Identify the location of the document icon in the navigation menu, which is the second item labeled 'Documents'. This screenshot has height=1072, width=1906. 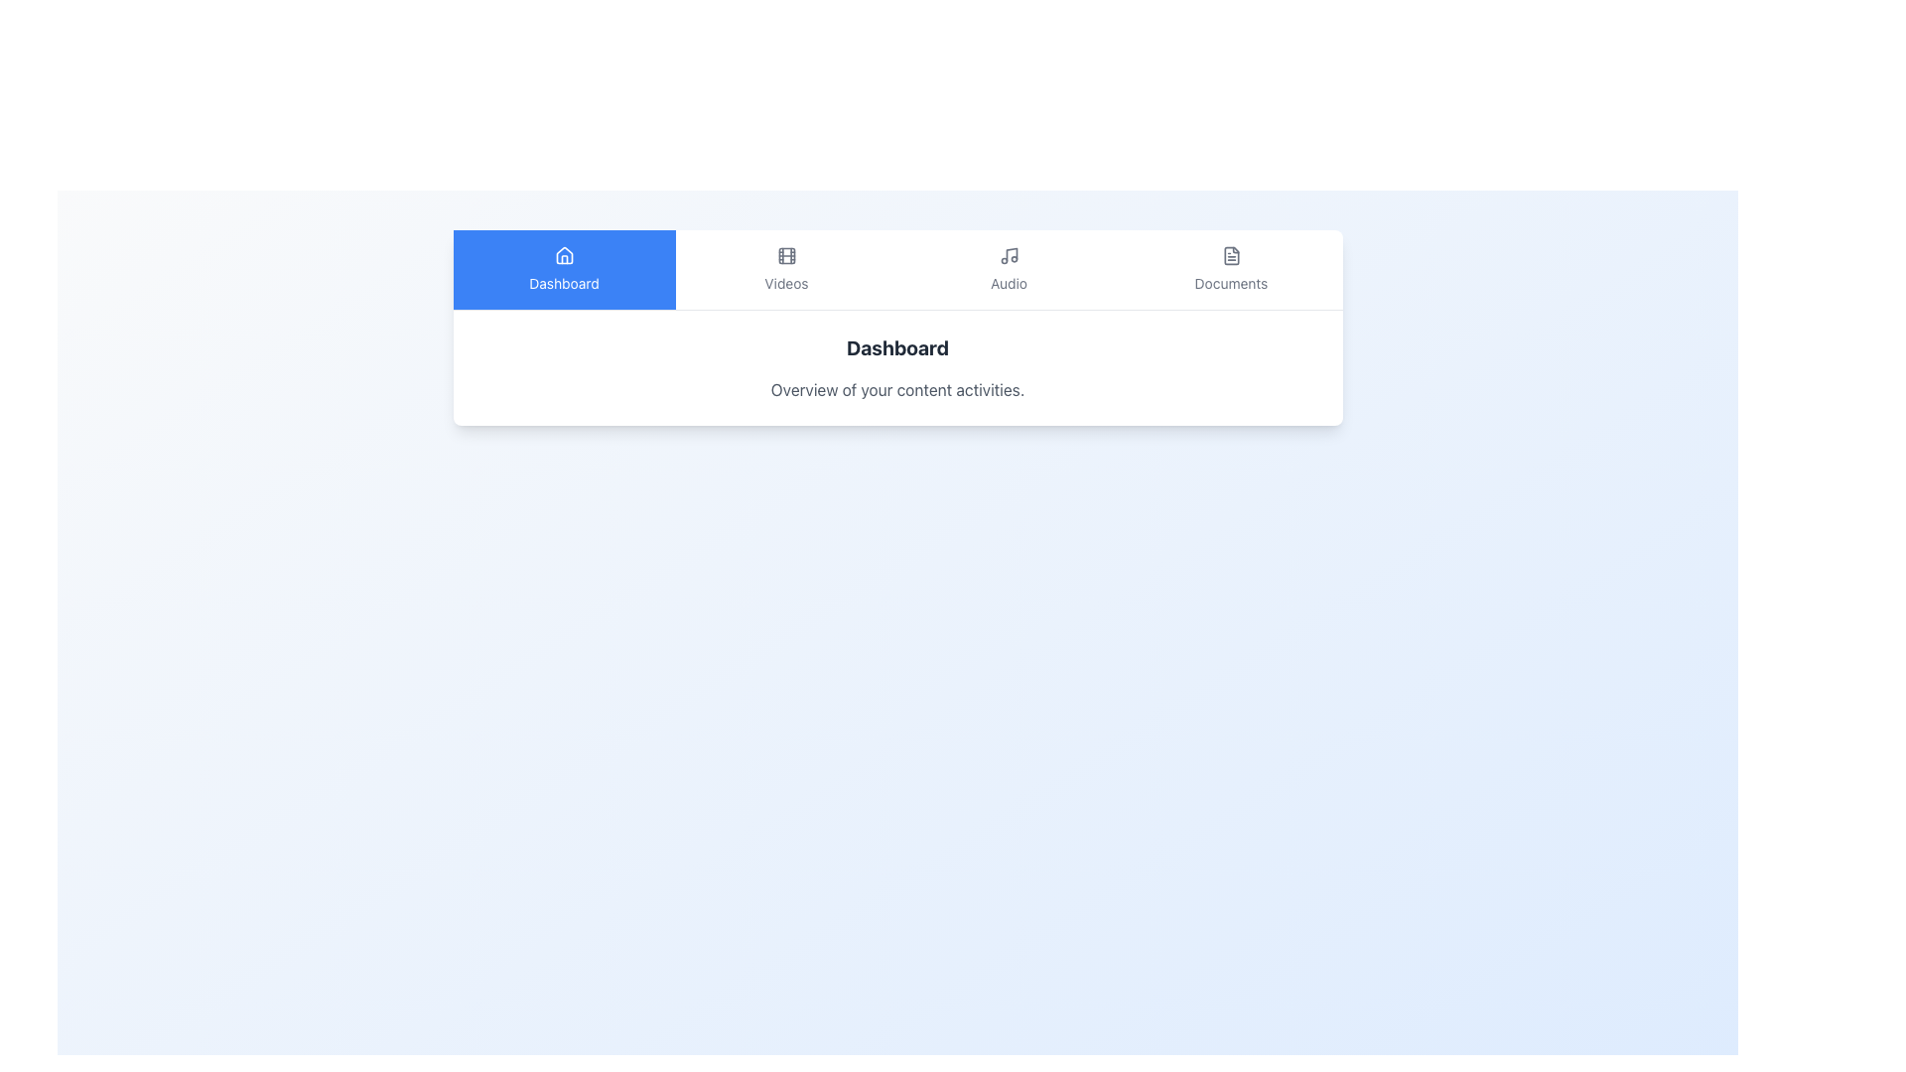
(1230, 270).